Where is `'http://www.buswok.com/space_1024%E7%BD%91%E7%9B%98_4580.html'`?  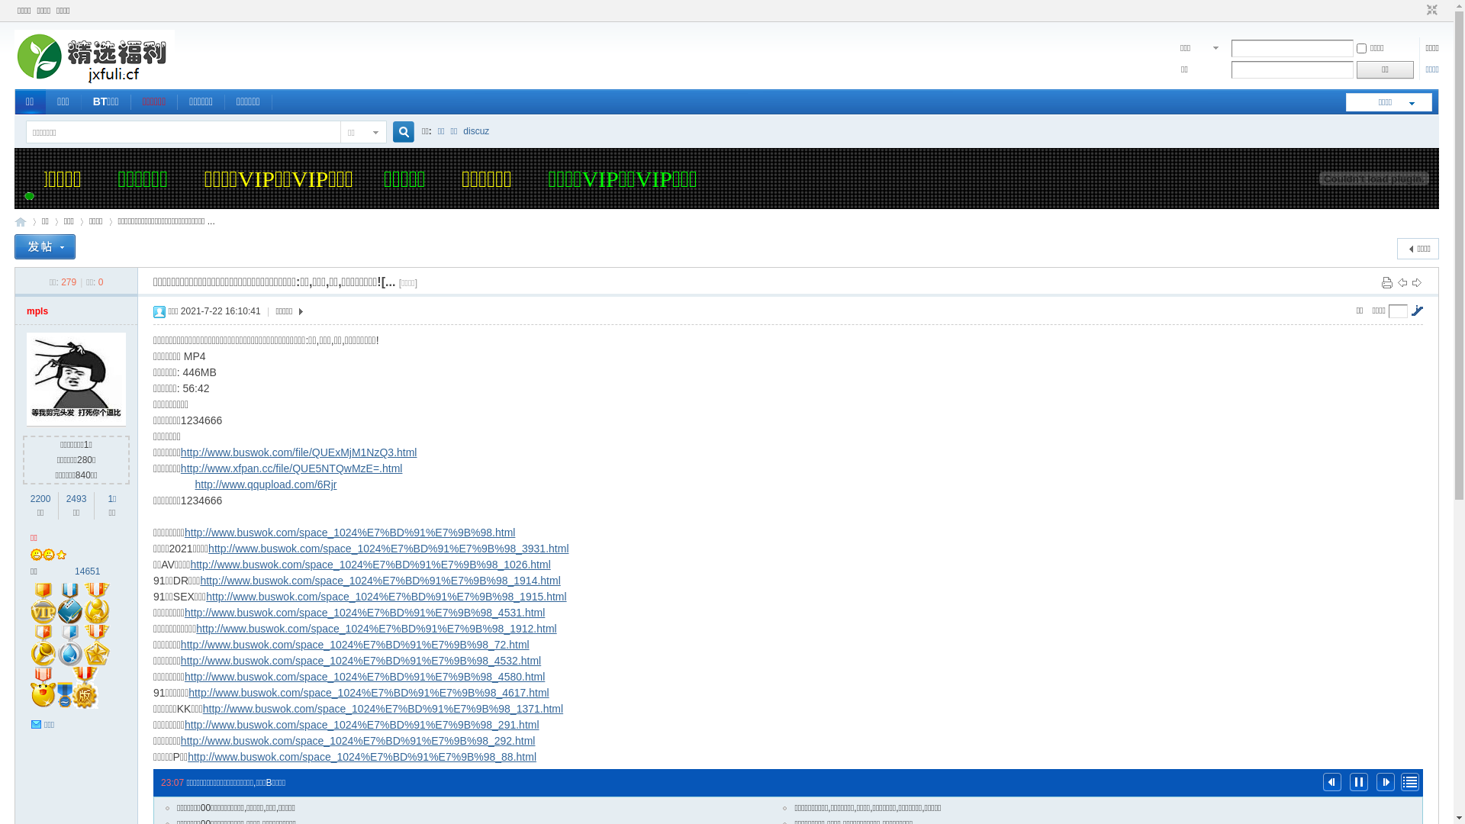
'http://www.buswok.com/space_1024%E7%BD%91%E7%9B%98_4580.html' is located at coordinates (364, 676).